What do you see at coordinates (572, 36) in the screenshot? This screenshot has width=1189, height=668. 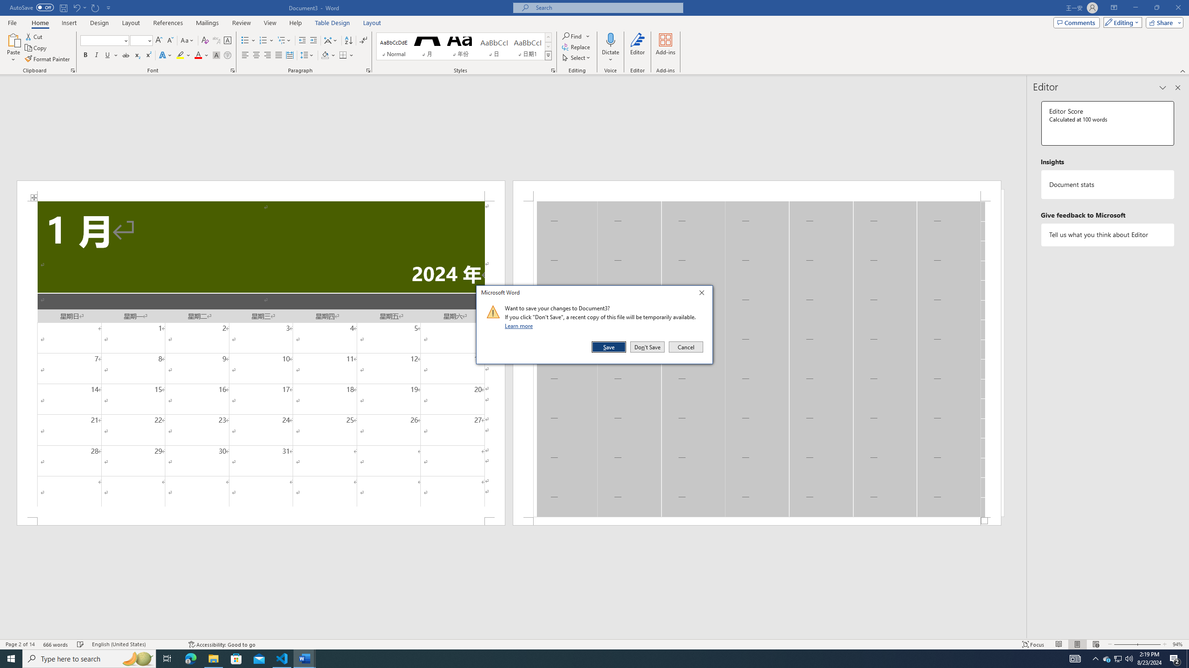 I see `'Find'` at bounding box center [572, 36].